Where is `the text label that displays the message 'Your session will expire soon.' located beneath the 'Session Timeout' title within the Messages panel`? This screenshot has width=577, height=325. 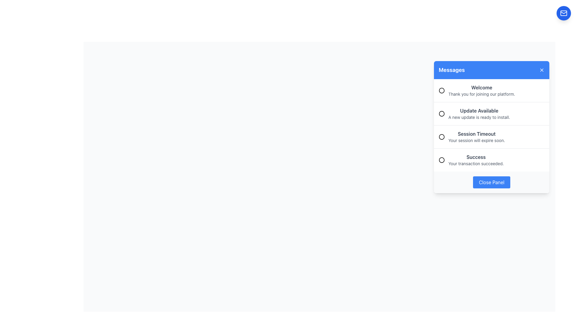
the text label that displays the message 'Your session will expire soon.' located beneath the 'Session Timeout' title within the Messages panel is located at coordinates (476, 140).